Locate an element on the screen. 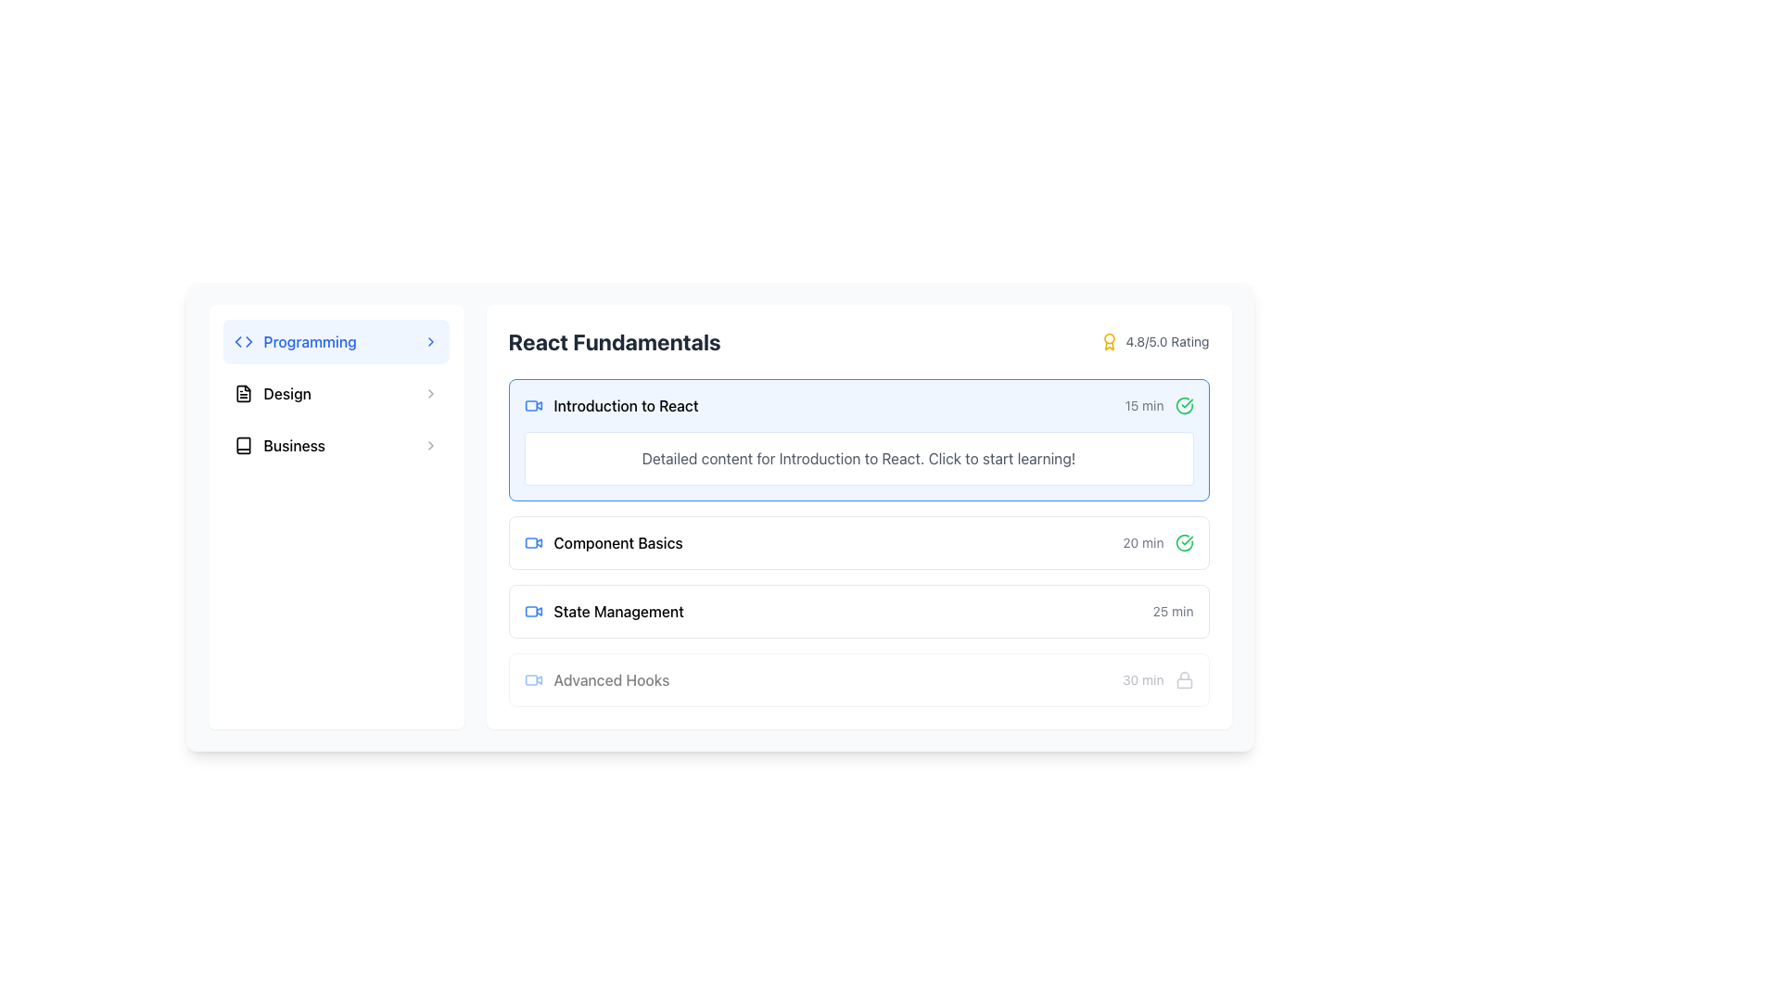 The image size is (1780, 1001). the 'Component Basics' text label located under the 'React Fundamentals' section is located at coordinates (618, 542).